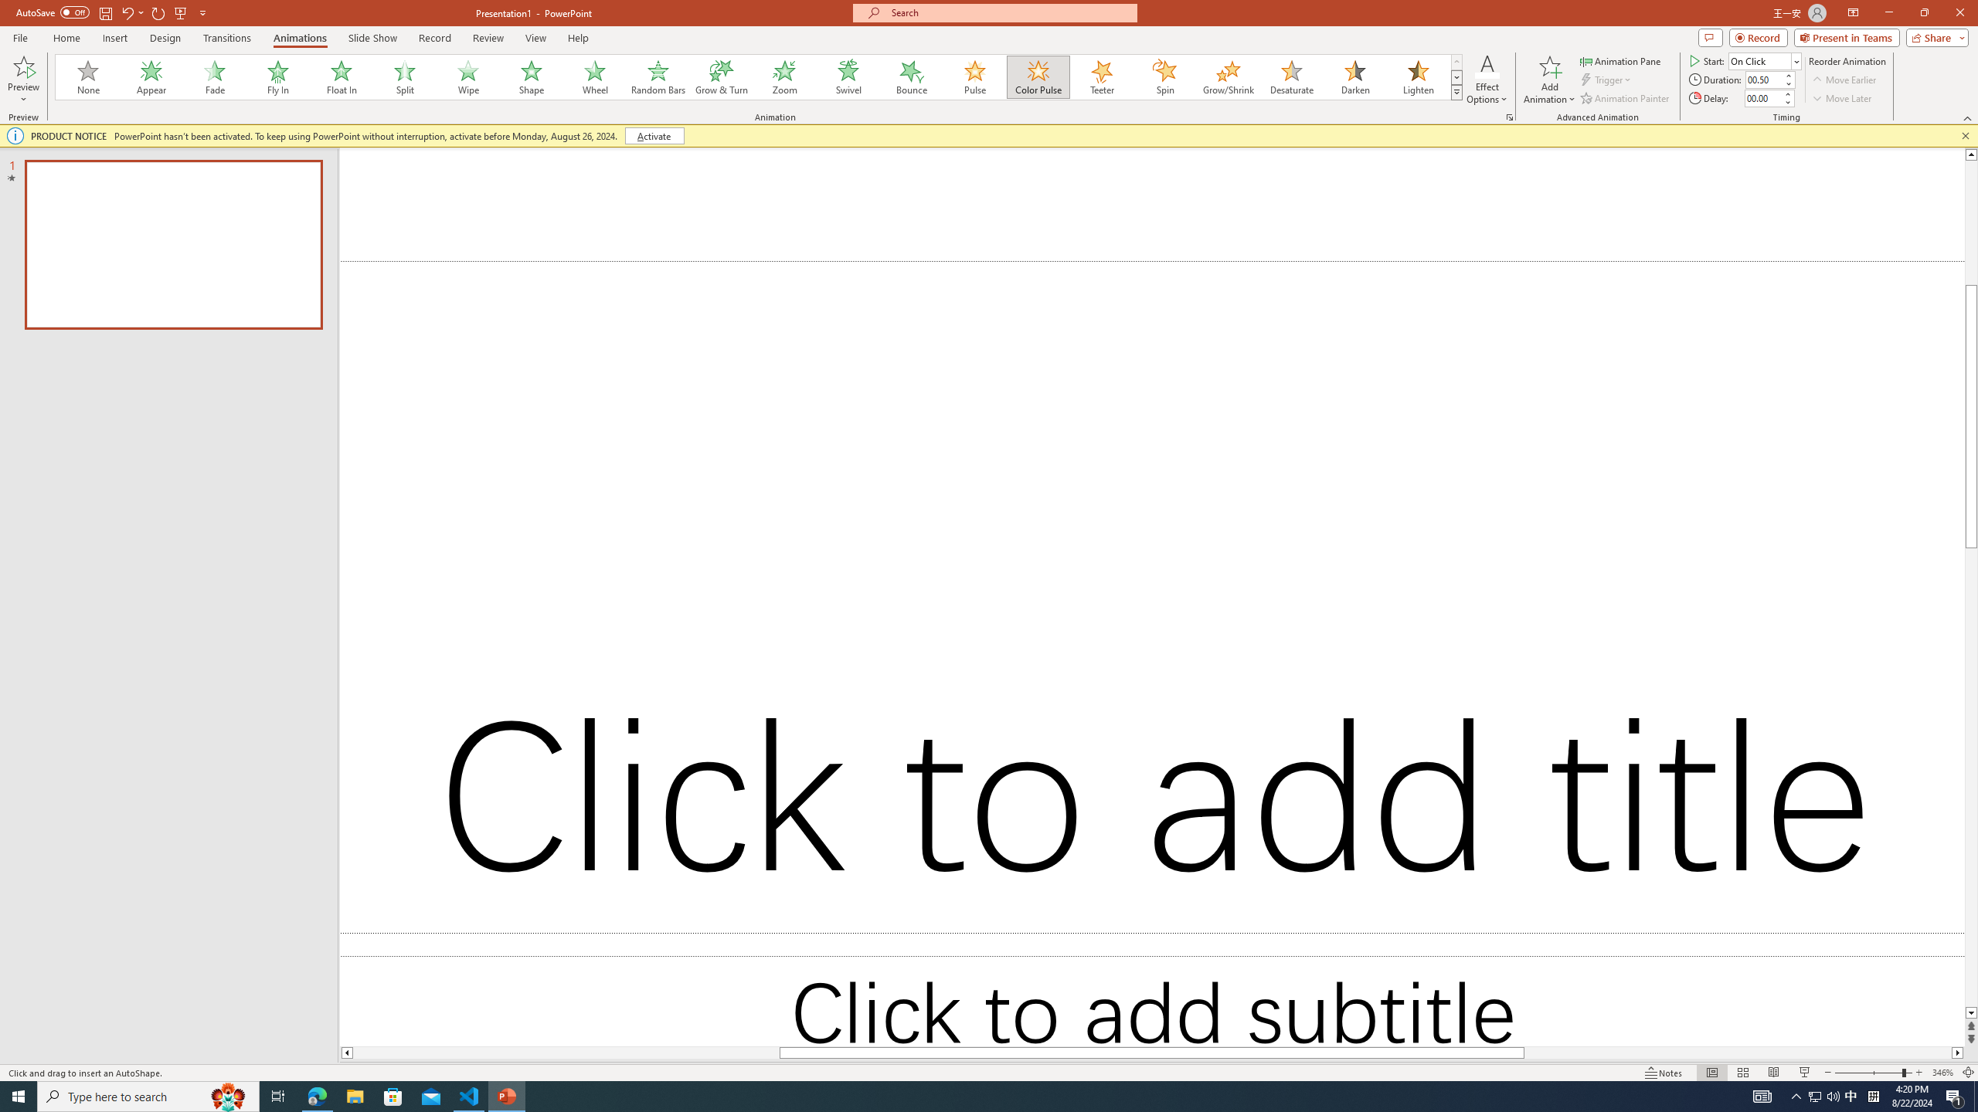  I want to click on 'Fly In', so click(277, 76).